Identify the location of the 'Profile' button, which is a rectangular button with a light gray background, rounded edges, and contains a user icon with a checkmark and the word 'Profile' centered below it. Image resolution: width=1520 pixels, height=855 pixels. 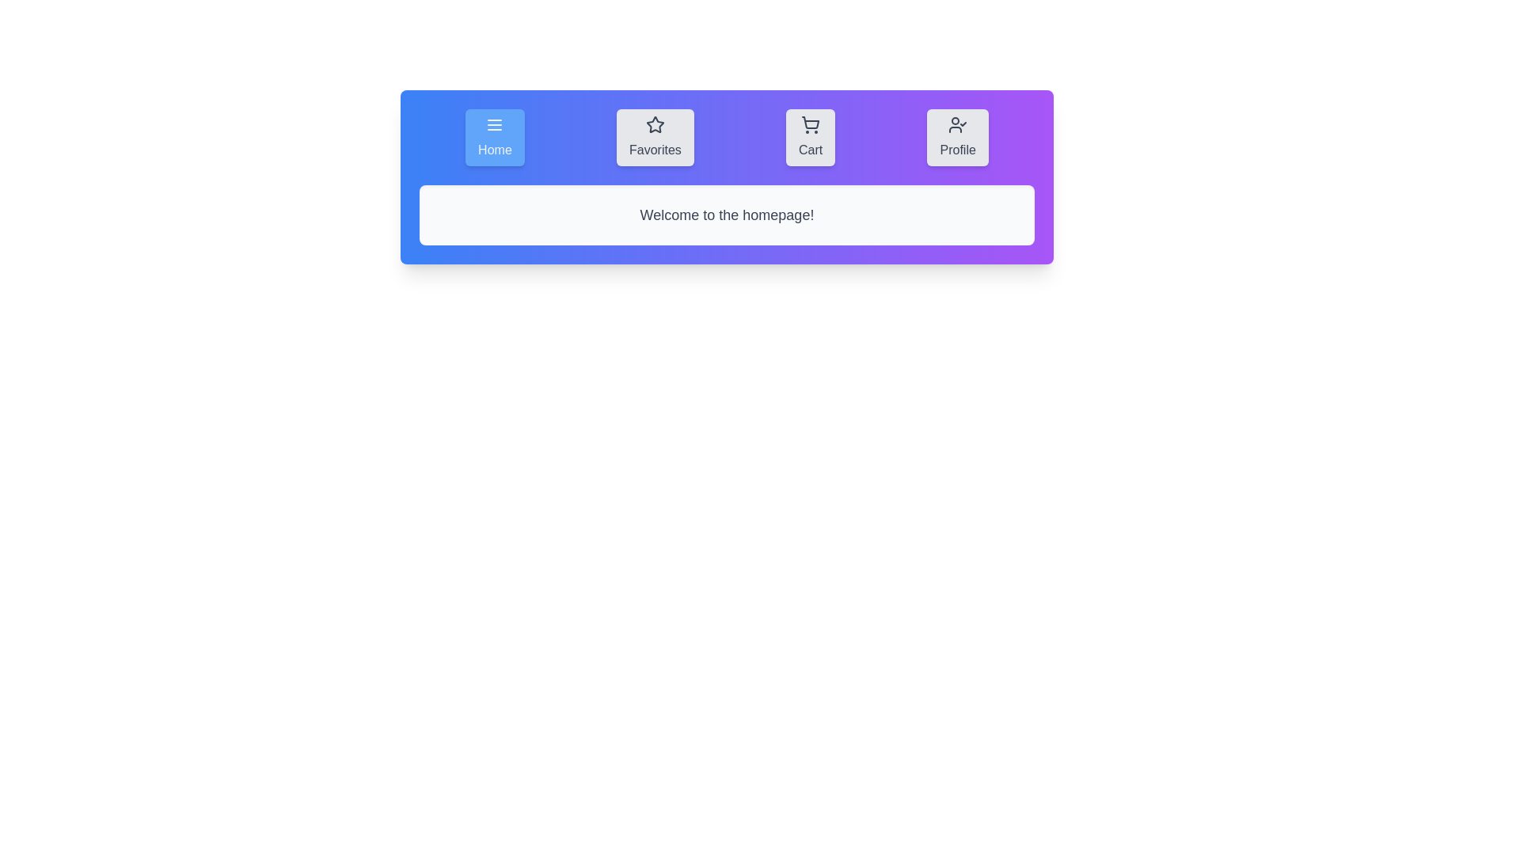
(957, 136).